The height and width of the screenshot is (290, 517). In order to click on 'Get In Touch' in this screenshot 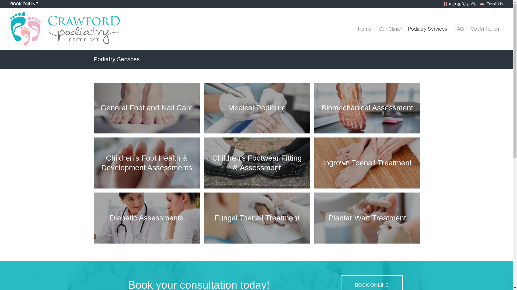, I will do `click(485, 29)`.